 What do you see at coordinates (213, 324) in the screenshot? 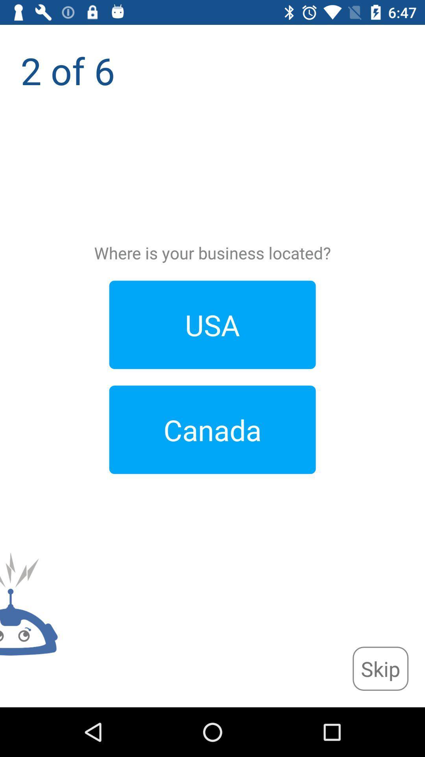
I see `usa` at bounding box center [213, 324].